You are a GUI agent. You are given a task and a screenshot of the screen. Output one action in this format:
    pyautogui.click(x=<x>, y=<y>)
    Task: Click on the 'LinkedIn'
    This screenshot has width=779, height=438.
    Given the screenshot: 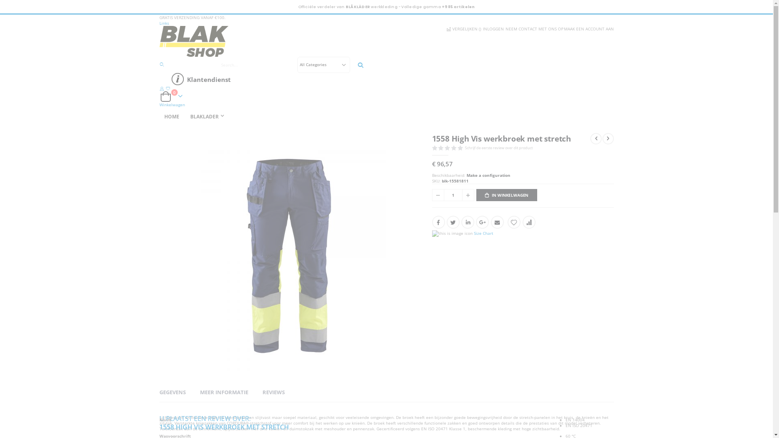 What is the action you would take?
    pyautogui.click(x=467, y=222)
    